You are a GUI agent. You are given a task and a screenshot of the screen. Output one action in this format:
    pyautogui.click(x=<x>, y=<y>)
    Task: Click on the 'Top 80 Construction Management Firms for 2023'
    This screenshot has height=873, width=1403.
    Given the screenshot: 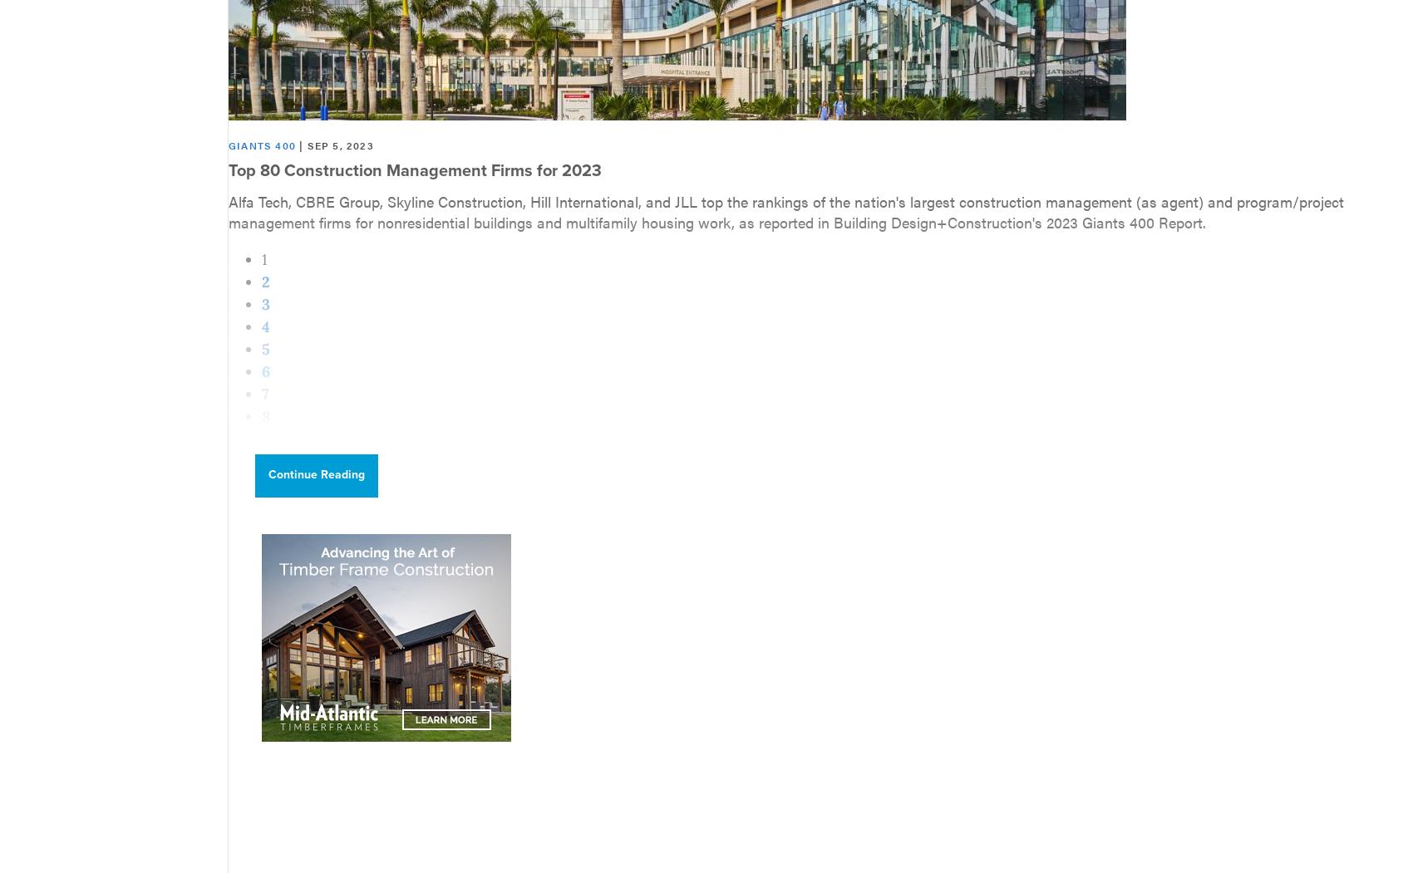 What is the action you would take?
    pyautogui.click(x=414, y=169)
    